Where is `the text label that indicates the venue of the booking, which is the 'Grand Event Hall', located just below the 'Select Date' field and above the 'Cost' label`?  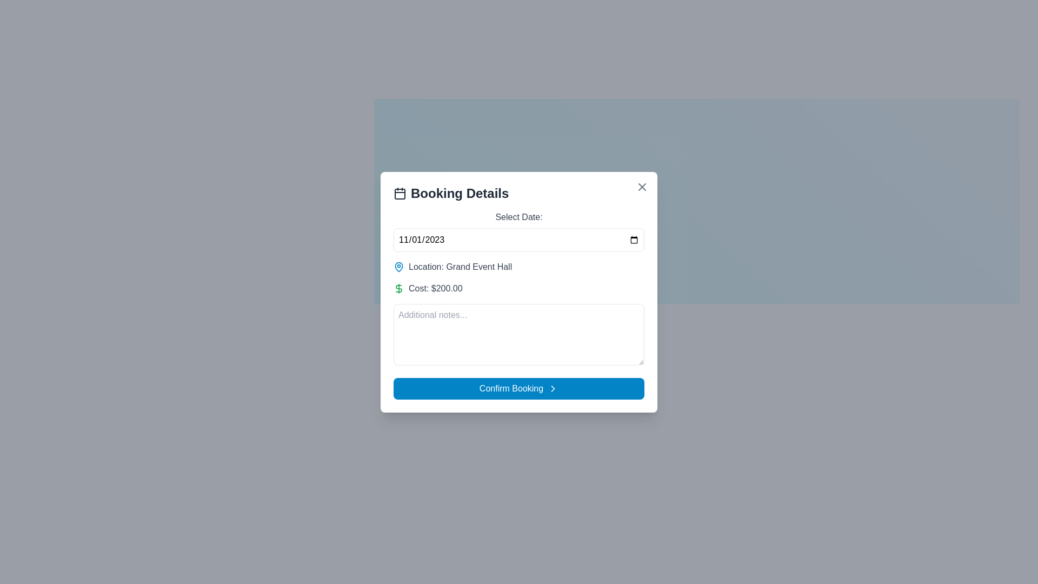
the text label that indicates the venue of the booking, which is the 'Grand Event Hall', located just below the 'Select Date' field and above the 'Cost' label is located at coordinates (460, 267).